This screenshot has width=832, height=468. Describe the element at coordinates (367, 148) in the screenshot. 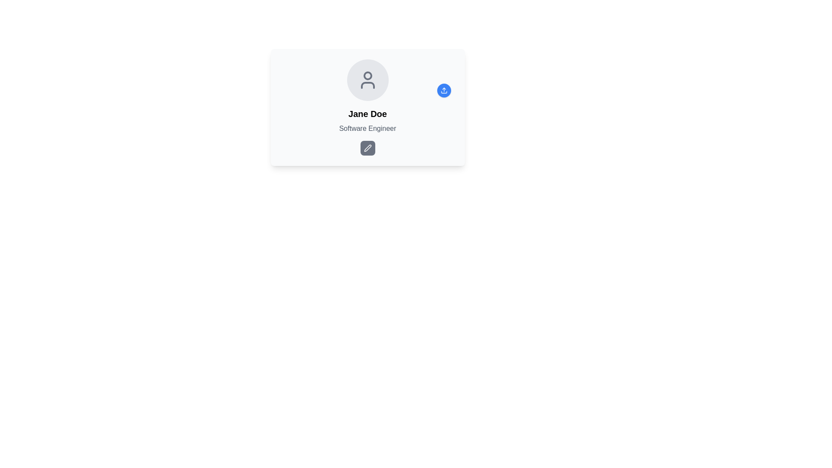

I see `the pen icon used for editing user details located within a rounded square button at the bottom of the user card by` at that location.